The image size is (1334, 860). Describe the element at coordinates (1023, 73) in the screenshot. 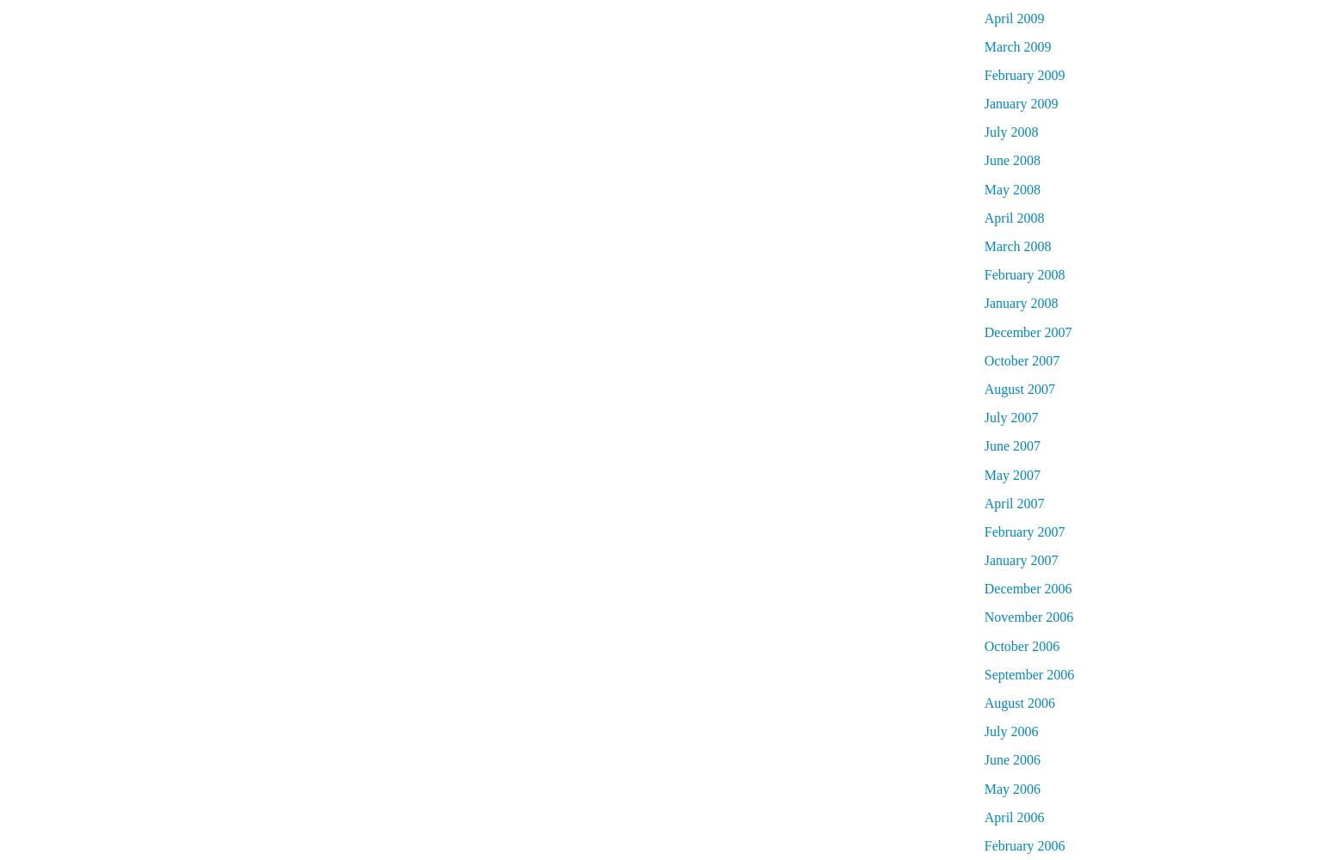

I see `'February 2009'` at that location.